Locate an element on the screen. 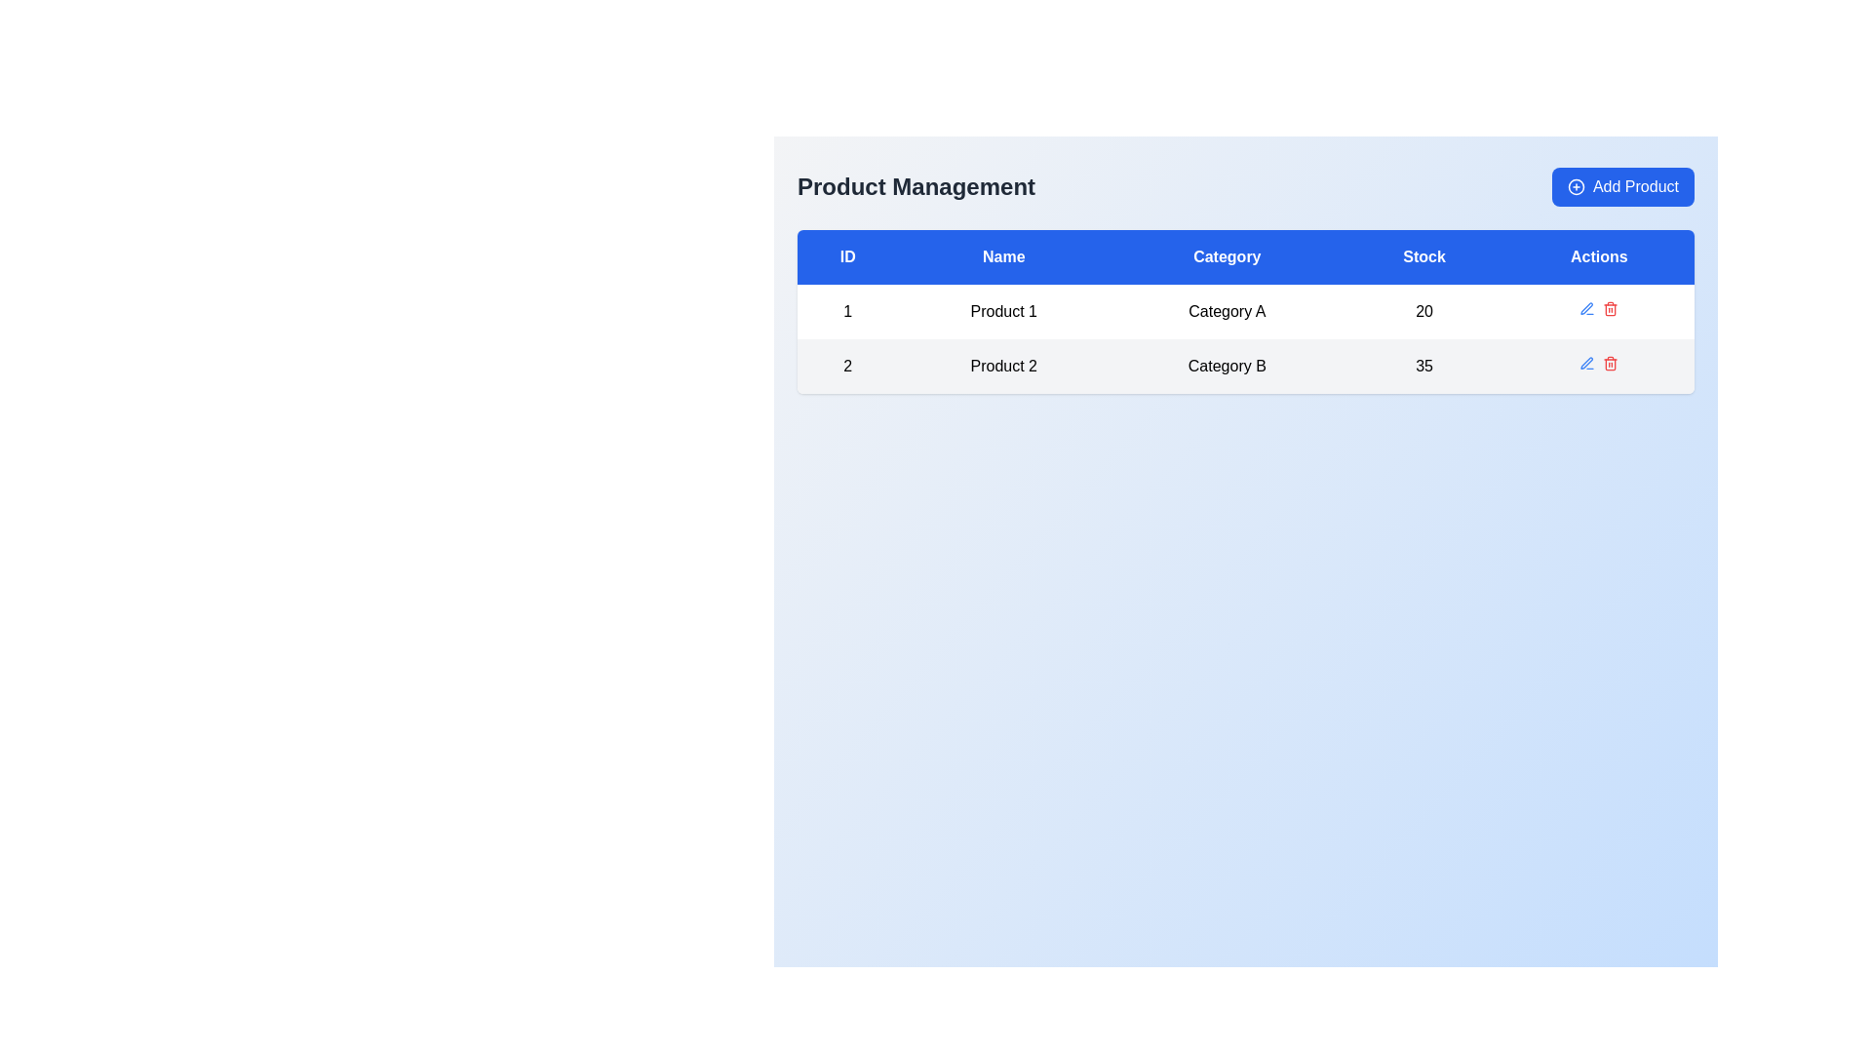 The height and width of the screenshot is (1053, 1872). the first data row in the table is located at coordinates (1244, 337).